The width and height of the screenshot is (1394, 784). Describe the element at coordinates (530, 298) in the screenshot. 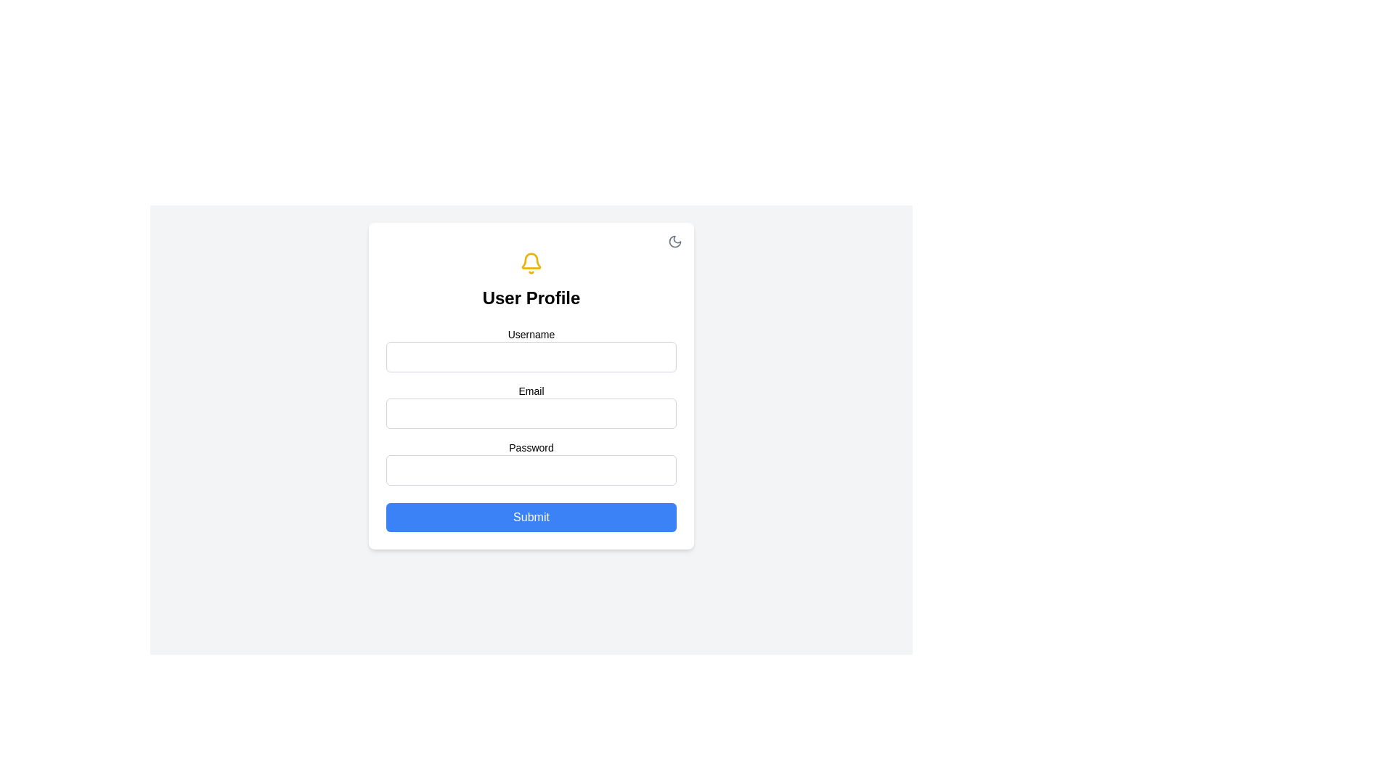

I see `the 'User Profile' heading, which is a bold, large text element centrally aligned below a yellow bell icon in the interface` at that location.